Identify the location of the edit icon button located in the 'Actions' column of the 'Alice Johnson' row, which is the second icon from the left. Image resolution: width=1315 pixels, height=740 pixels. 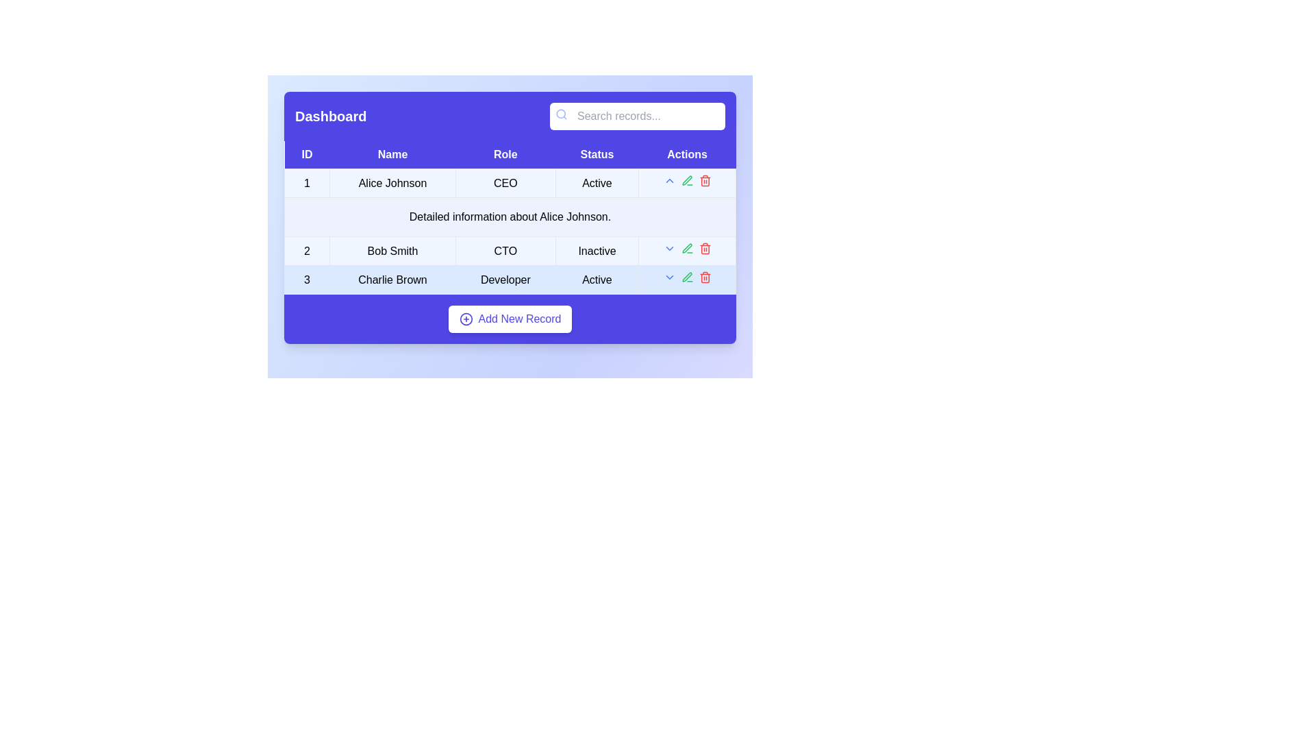
(687, 182).